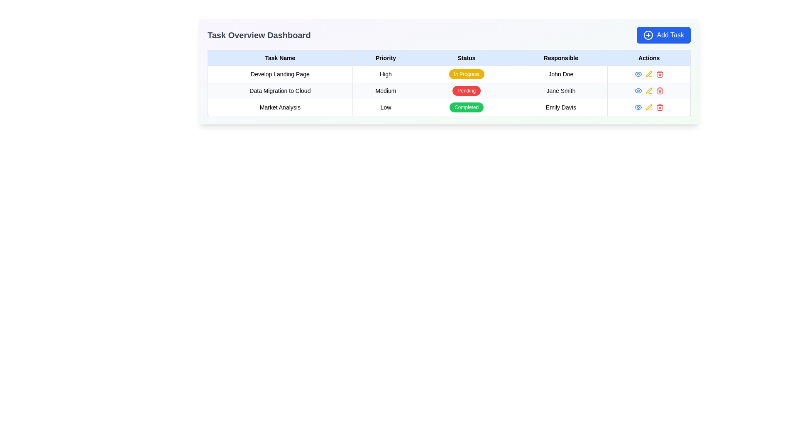 Image resolution: width=797 pixels, height=448 pixels. What do you see at coordinates (561, 73) in the screenshot?
I see `the static text label indicating the individual responsible for the task 'Develop Landing Page' in the 'Responsible' column of the table` at bounding box center [561, 73].